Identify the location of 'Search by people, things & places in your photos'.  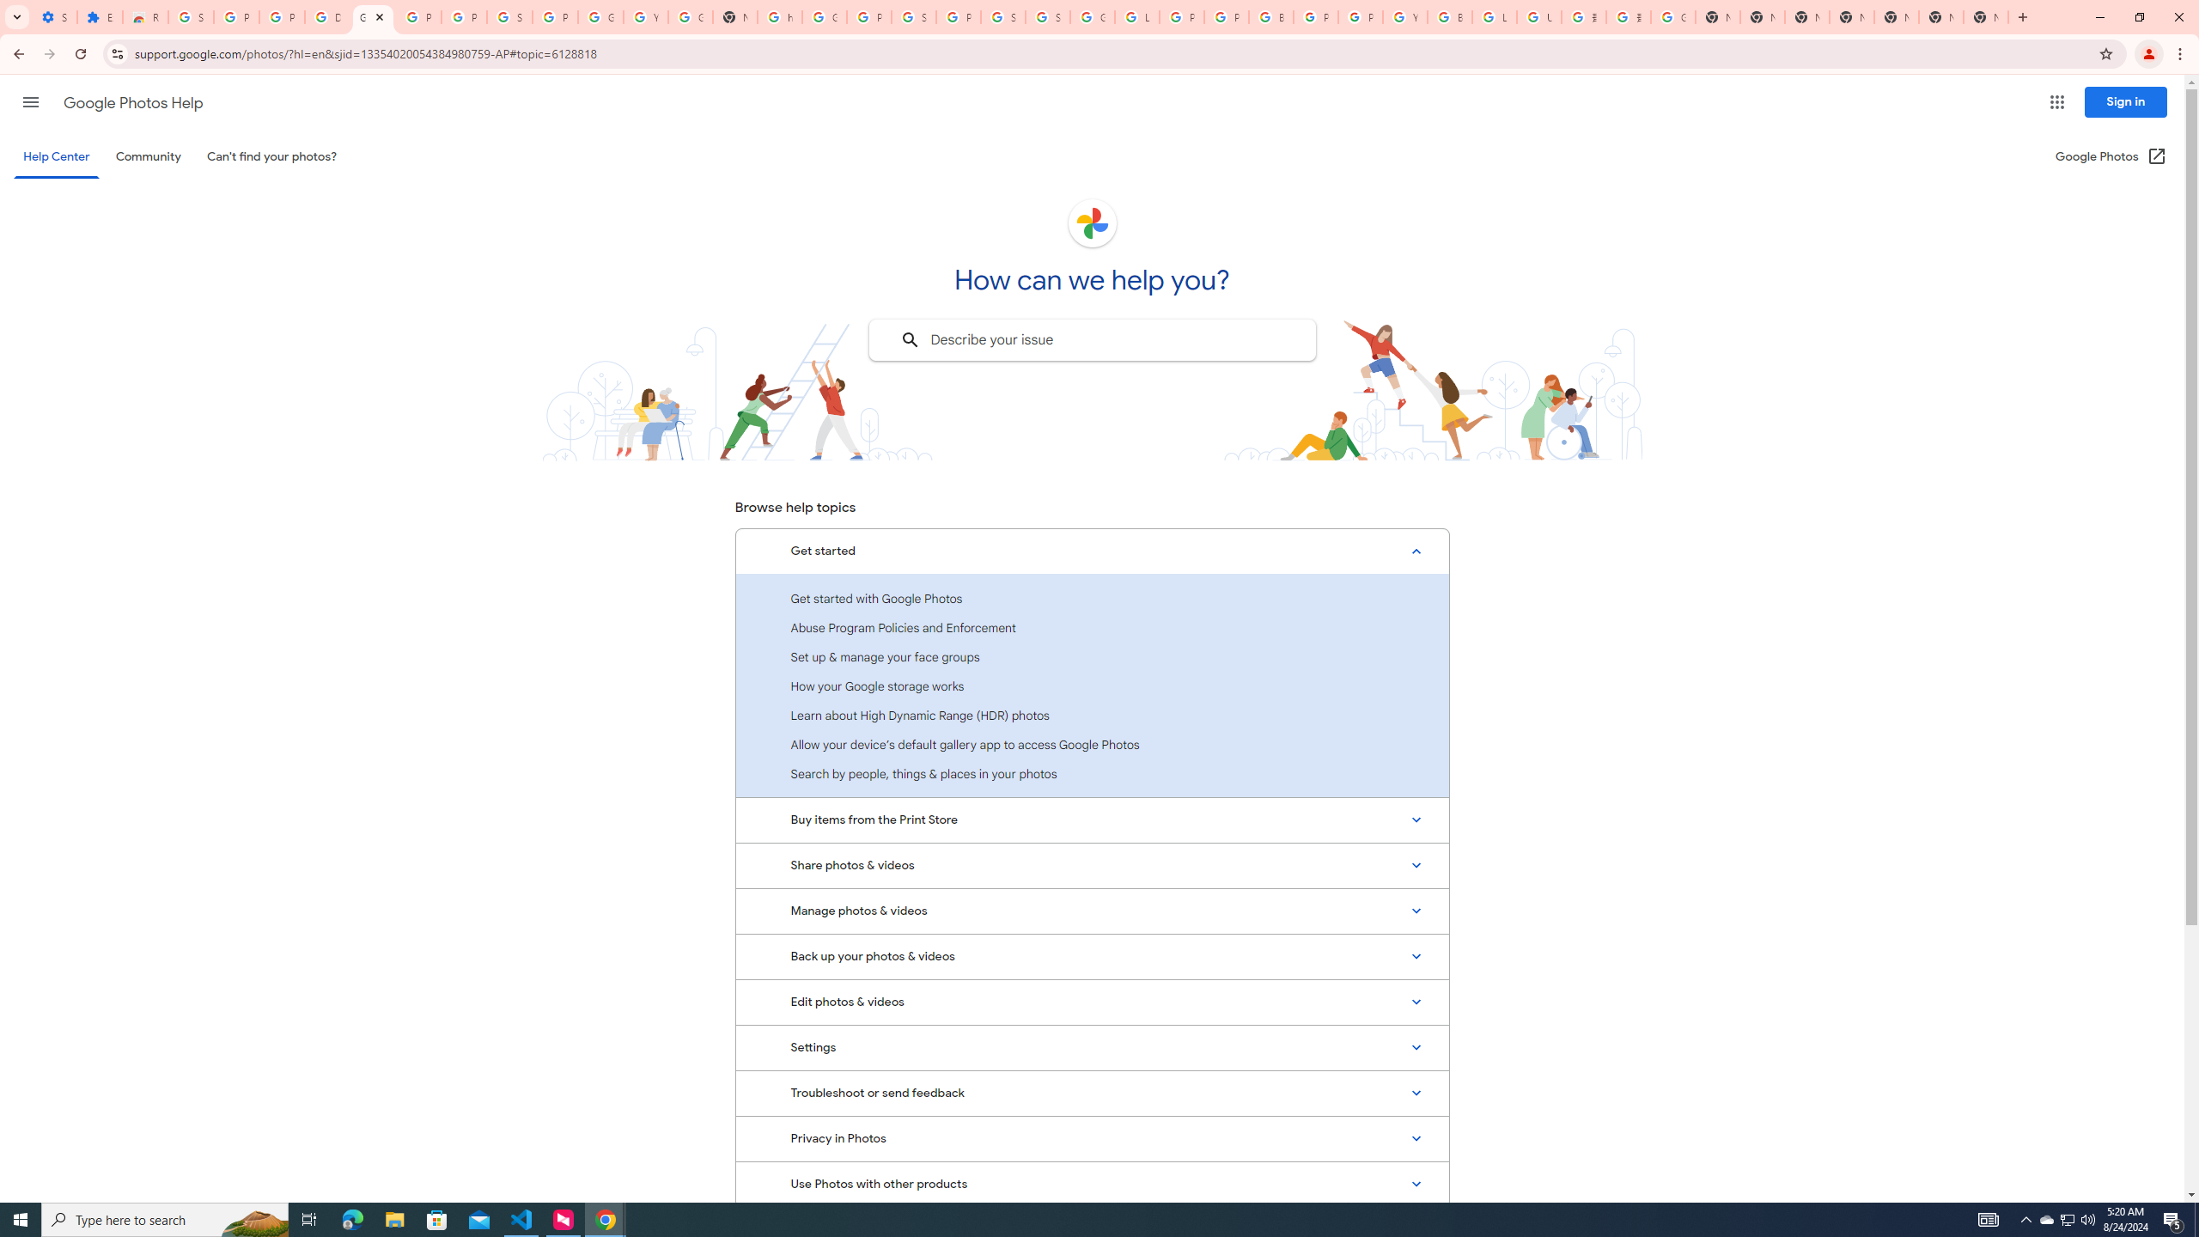
(1092, 773).